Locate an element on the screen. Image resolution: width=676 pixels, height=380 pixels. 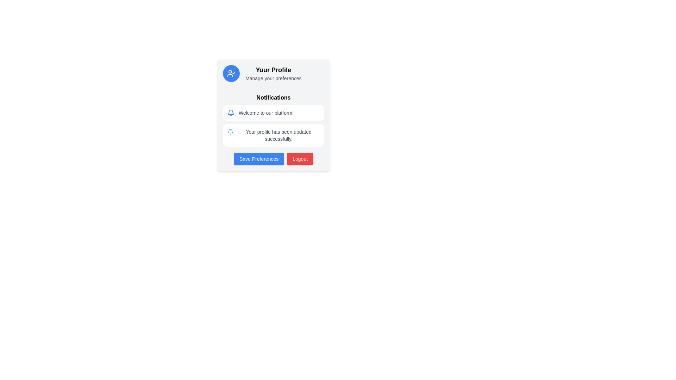
informative text block that displays 'Your Profile' and 'Manage your preferences', located above the 'Save Preferences' and 'Logout' buttons, positioned in the top part of the central panel is located at coordinates (273, 73).